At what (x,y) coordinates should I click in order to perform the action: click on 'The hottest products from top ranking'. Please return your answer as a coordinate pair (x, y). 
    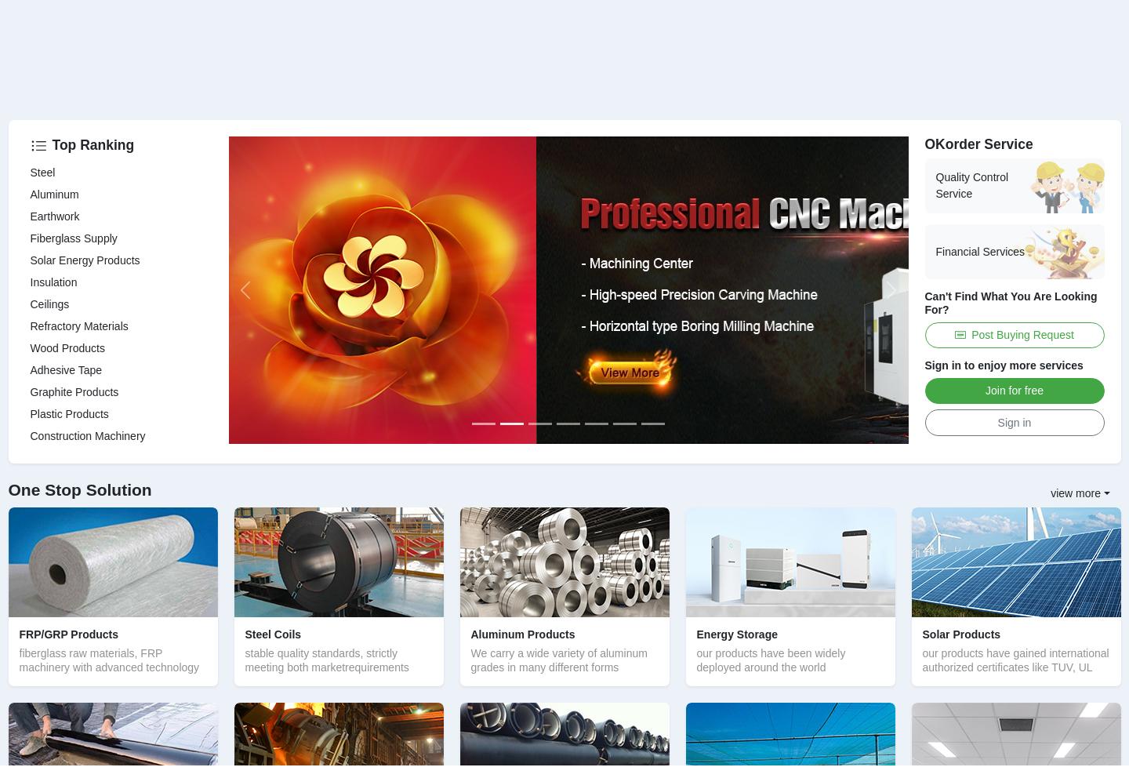
    Looking at the image, I should click on (122, 525).